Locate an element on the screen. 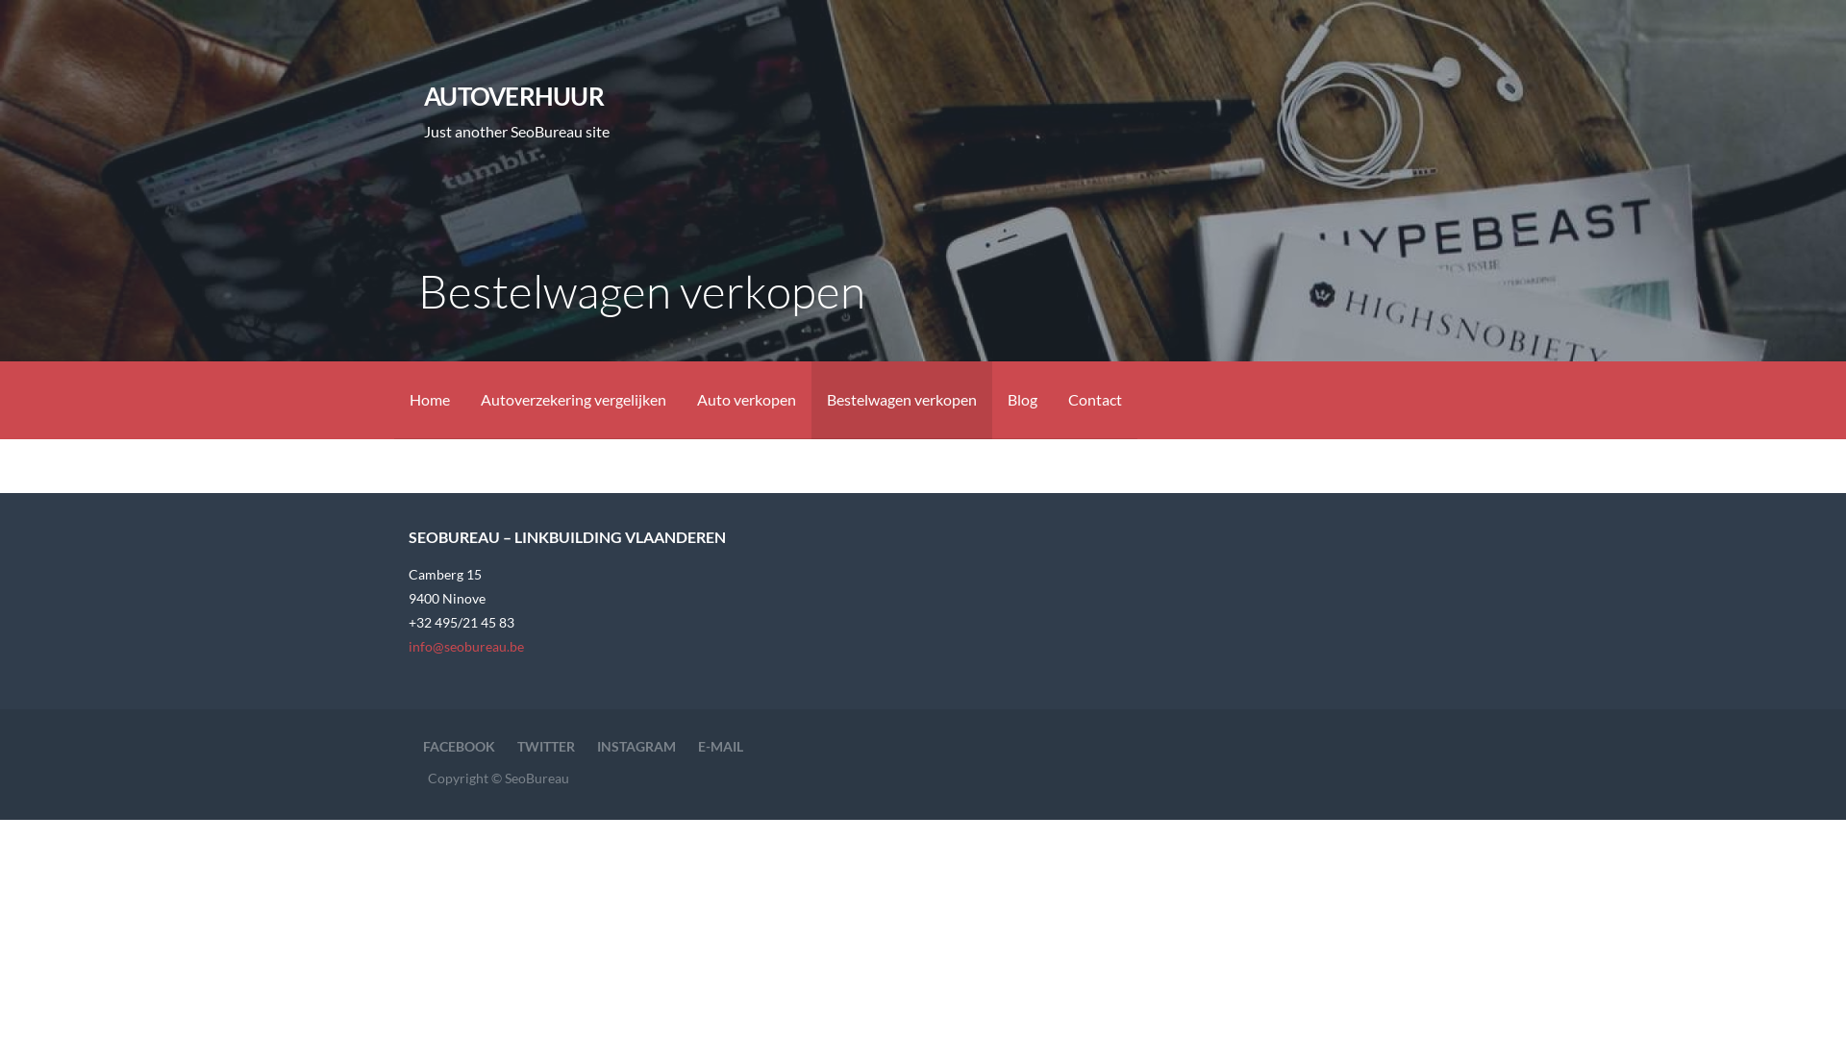  'info@seobureau.be' is located at coordinates (465, 646).